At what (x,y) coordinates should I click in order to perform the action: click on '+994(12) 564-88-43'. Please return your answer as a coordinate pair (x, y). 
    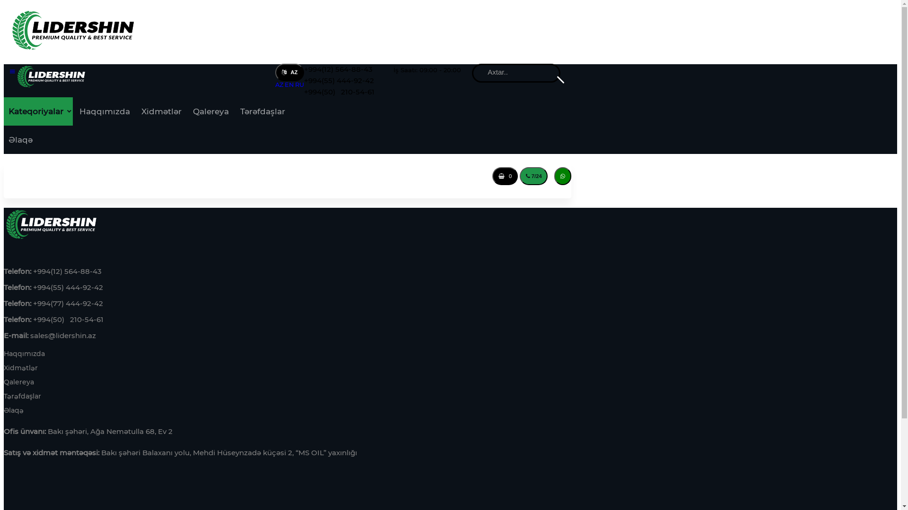
    Looking at the image, I should click on (304, 68).